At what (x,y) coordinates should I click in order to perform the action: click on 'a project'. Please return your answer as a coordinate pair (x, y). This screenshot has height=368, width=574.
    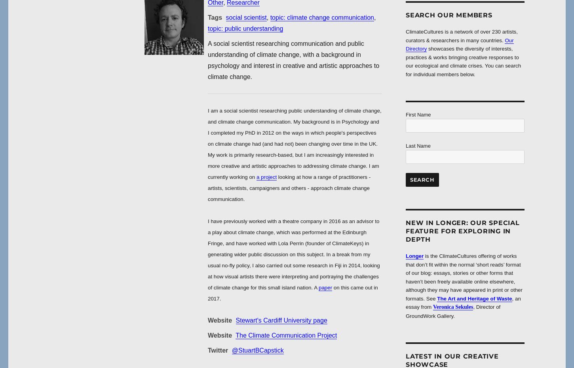
    Looking at the image, I should click on (266, 177).